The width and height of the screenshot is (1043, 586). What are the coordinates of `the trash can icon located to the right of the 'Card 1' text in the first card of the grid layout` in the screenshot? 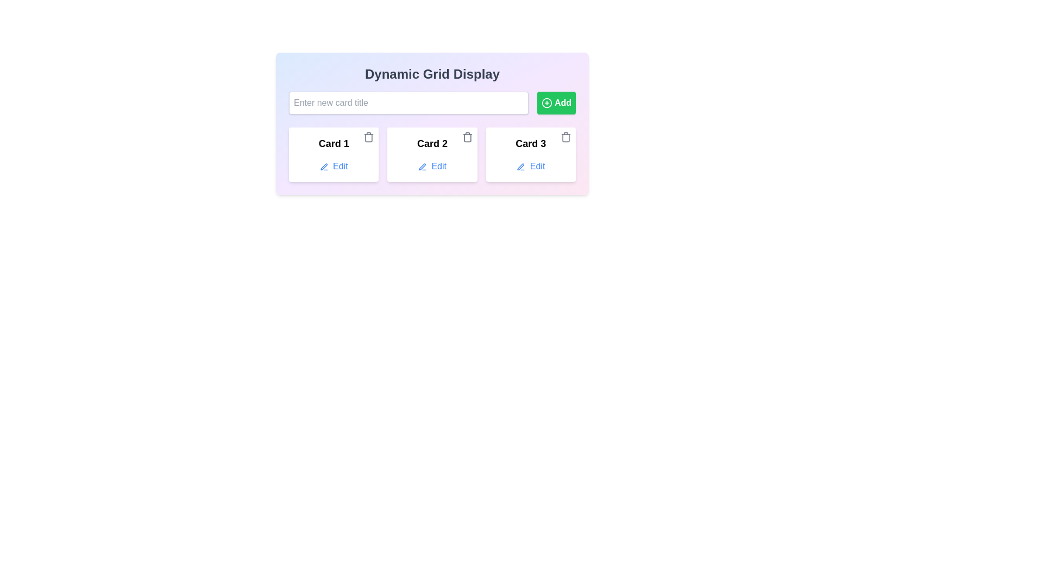 It's located at (369, 137).